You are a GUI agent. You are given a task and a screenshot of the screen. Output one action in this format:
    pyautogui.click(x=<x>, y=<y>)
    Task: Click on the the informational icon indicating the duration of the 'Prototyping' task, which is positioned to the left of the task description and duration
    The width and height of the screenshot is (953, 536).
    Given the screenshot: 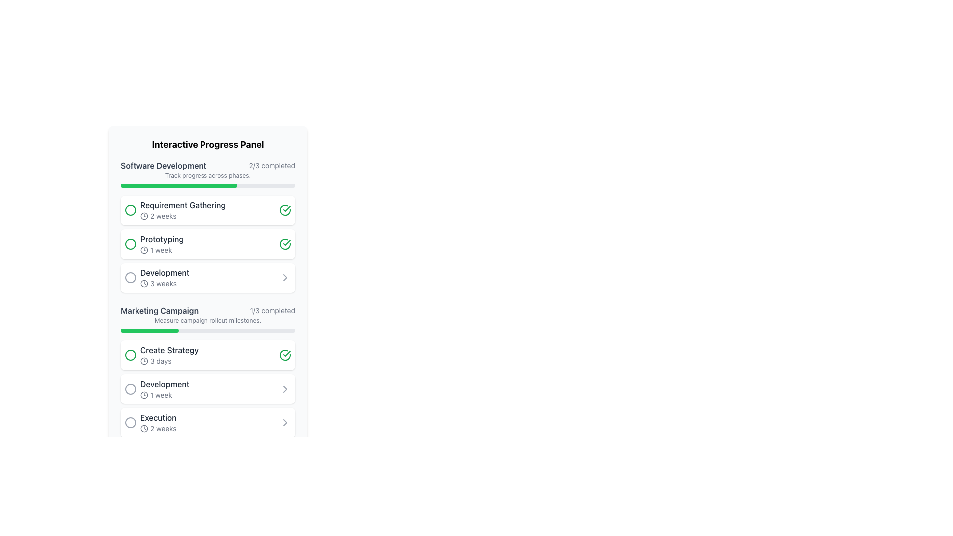 What is the action you would take?
    pyautogui.click(x=144, y=250)
    